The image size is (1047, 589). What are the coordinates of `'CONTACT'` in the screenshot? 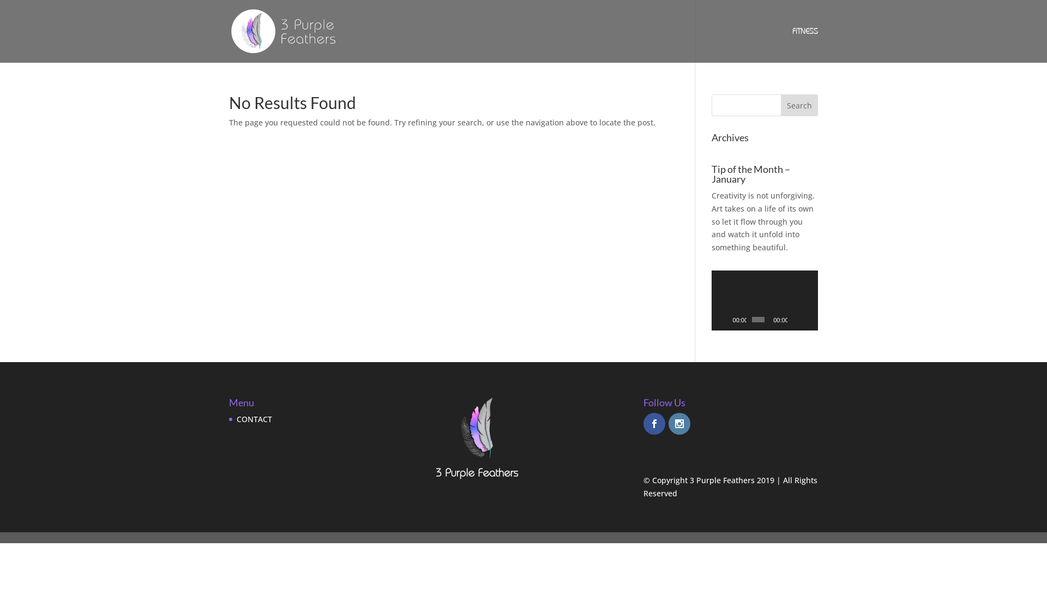 It's located at (254, 418).